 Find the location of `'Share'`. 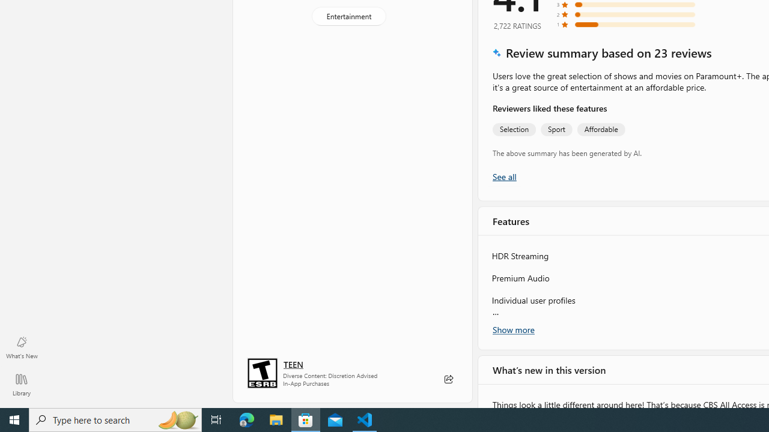

'Share' is located at coordinates (448, 379).